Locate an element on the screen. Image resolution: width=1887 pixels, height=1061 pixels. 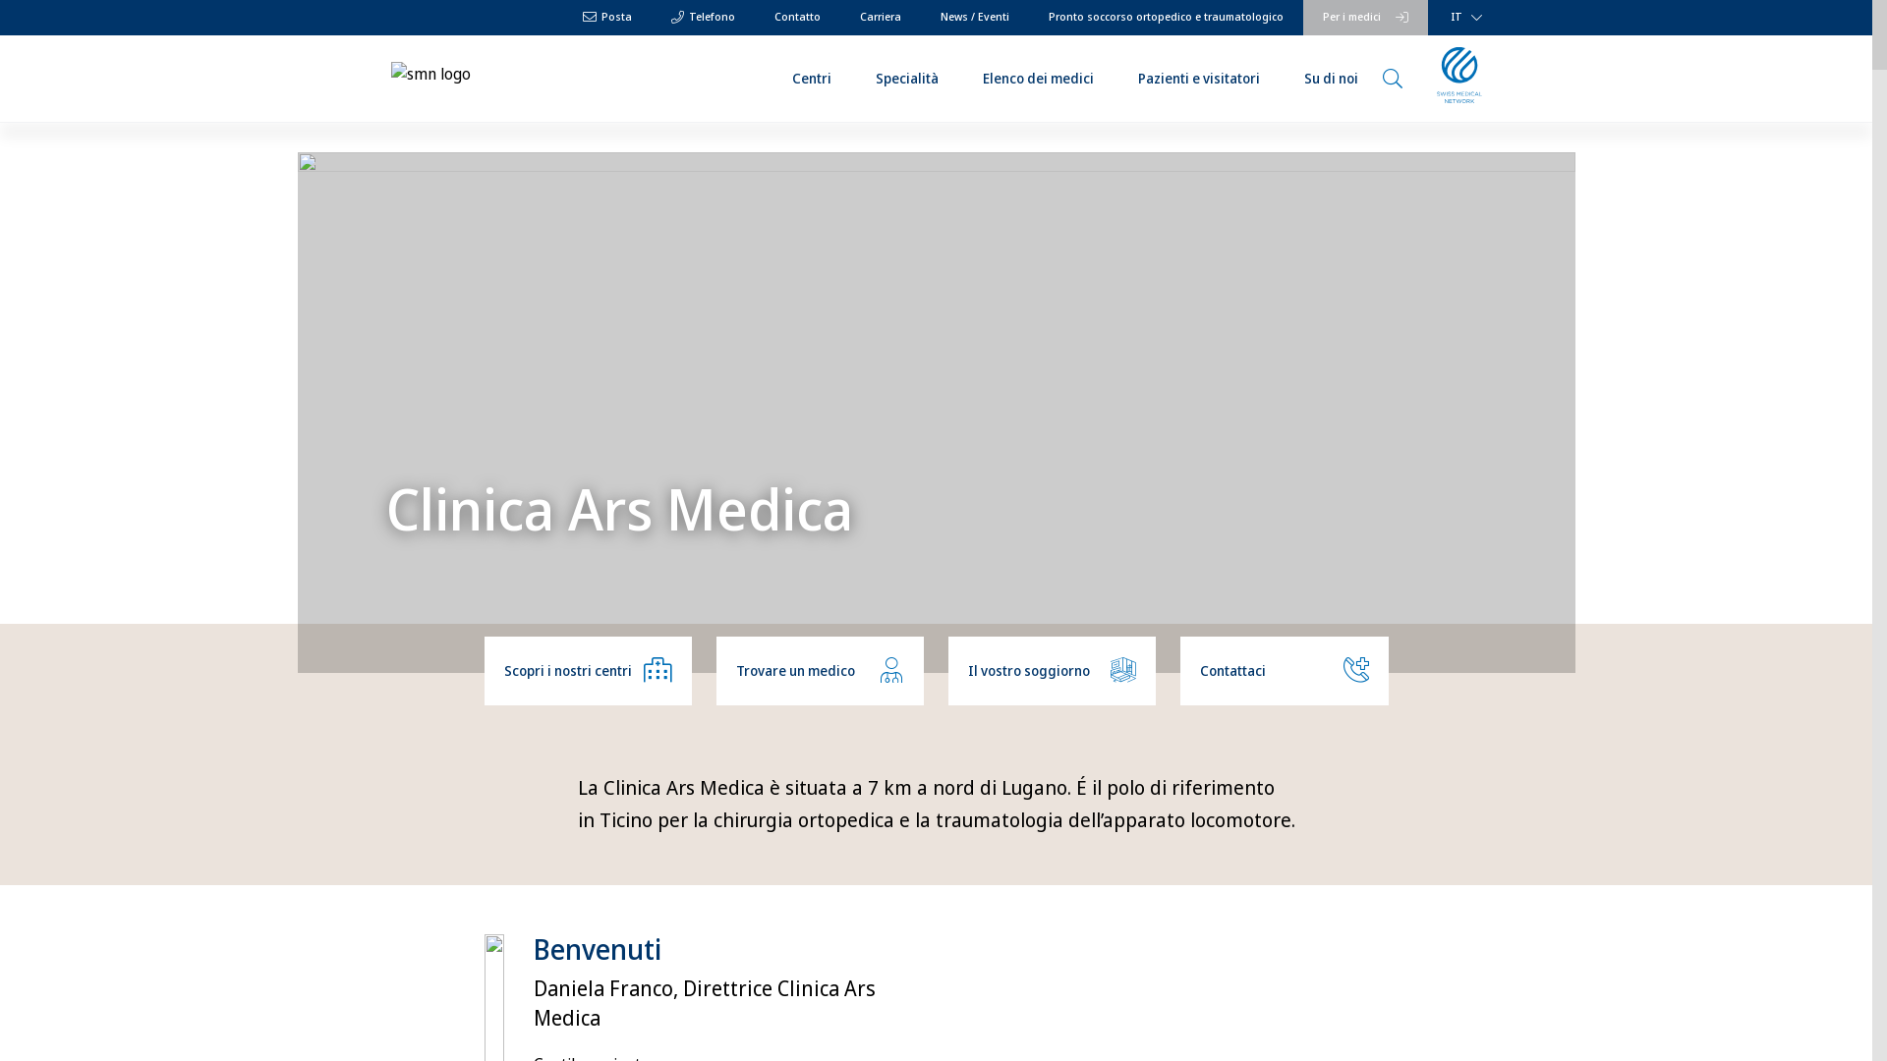
'IT' is located at coordinates (1447, 18).